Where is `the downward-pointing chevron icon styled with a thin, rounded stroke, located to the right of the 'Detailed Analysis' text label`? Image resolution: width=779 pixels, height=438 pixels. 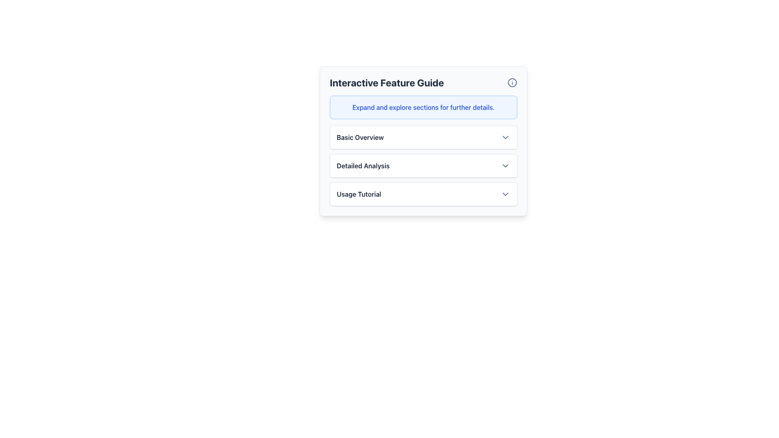 the downward-pointing chevron icon styled with a thin, rounded stroke, located to the right of the 'Detailed Analysis' text label is located at coordinates (505, 165).